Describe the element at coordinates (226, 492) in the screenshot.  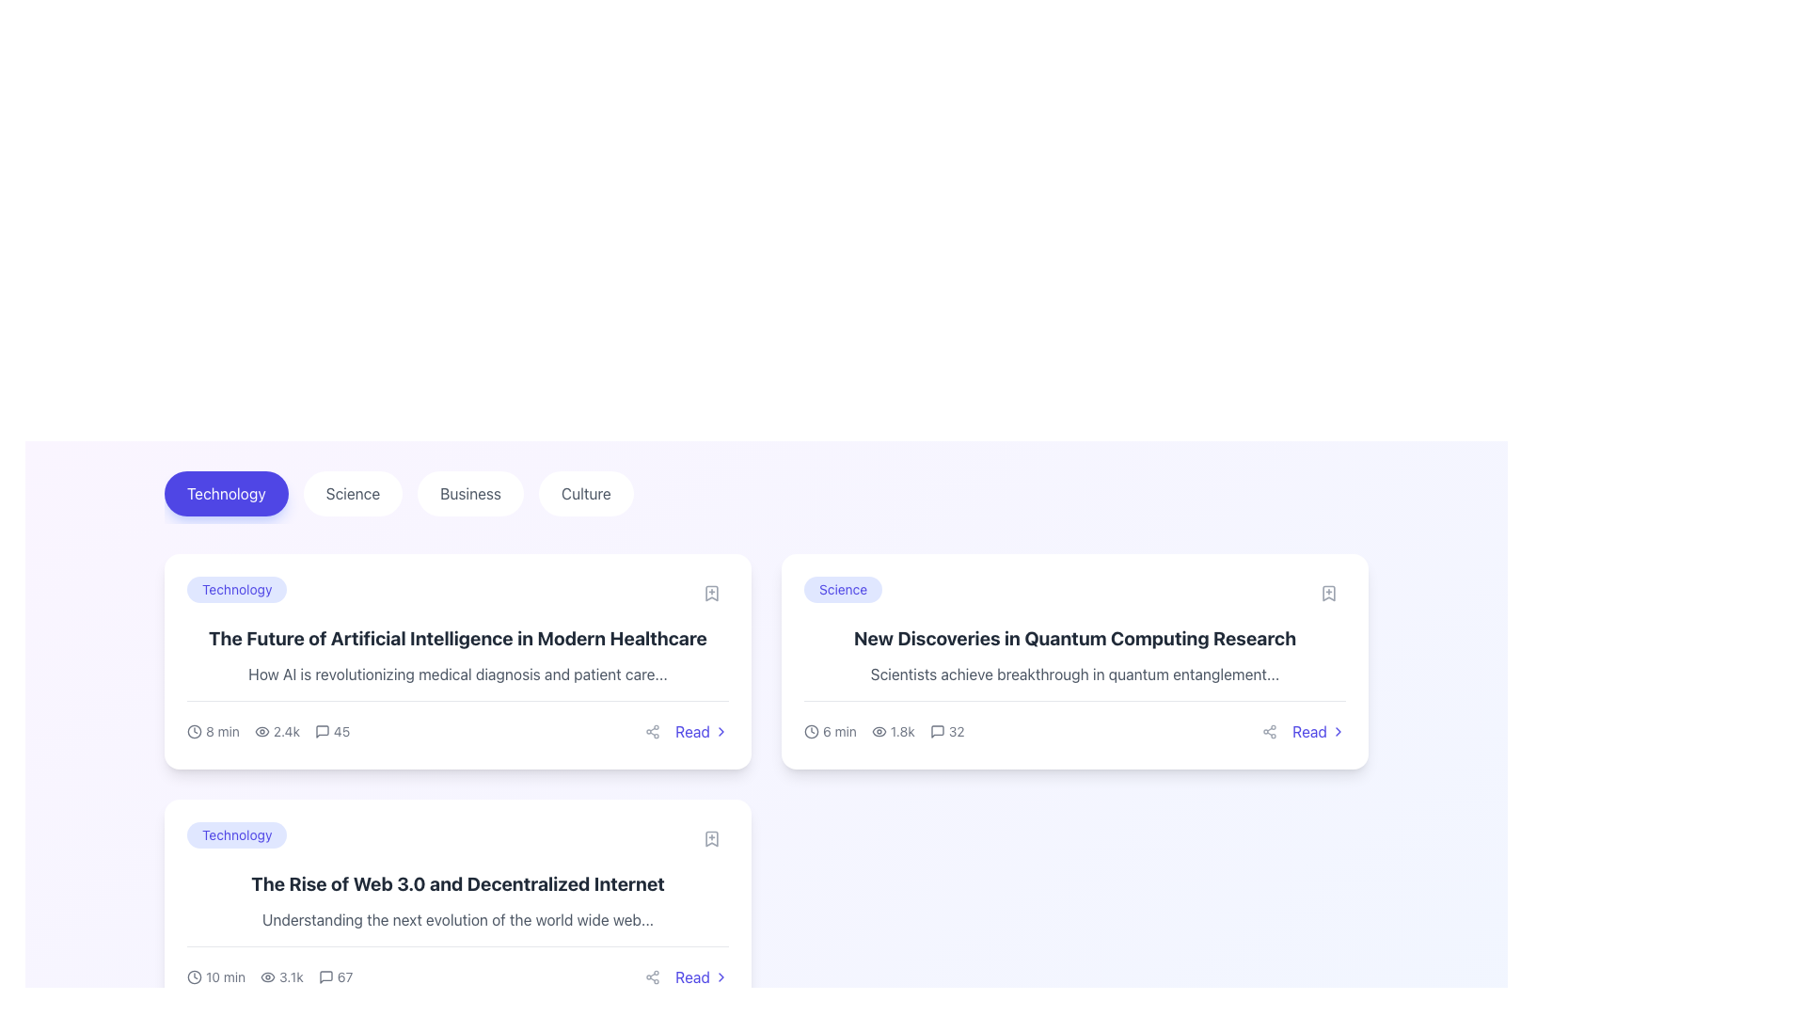
I see `the 'Technology' button, which is the first button in a horizontal row of four buttons with a rounded rectangular shape and a bold indigo background color, featuring white text centered within it` at that location.